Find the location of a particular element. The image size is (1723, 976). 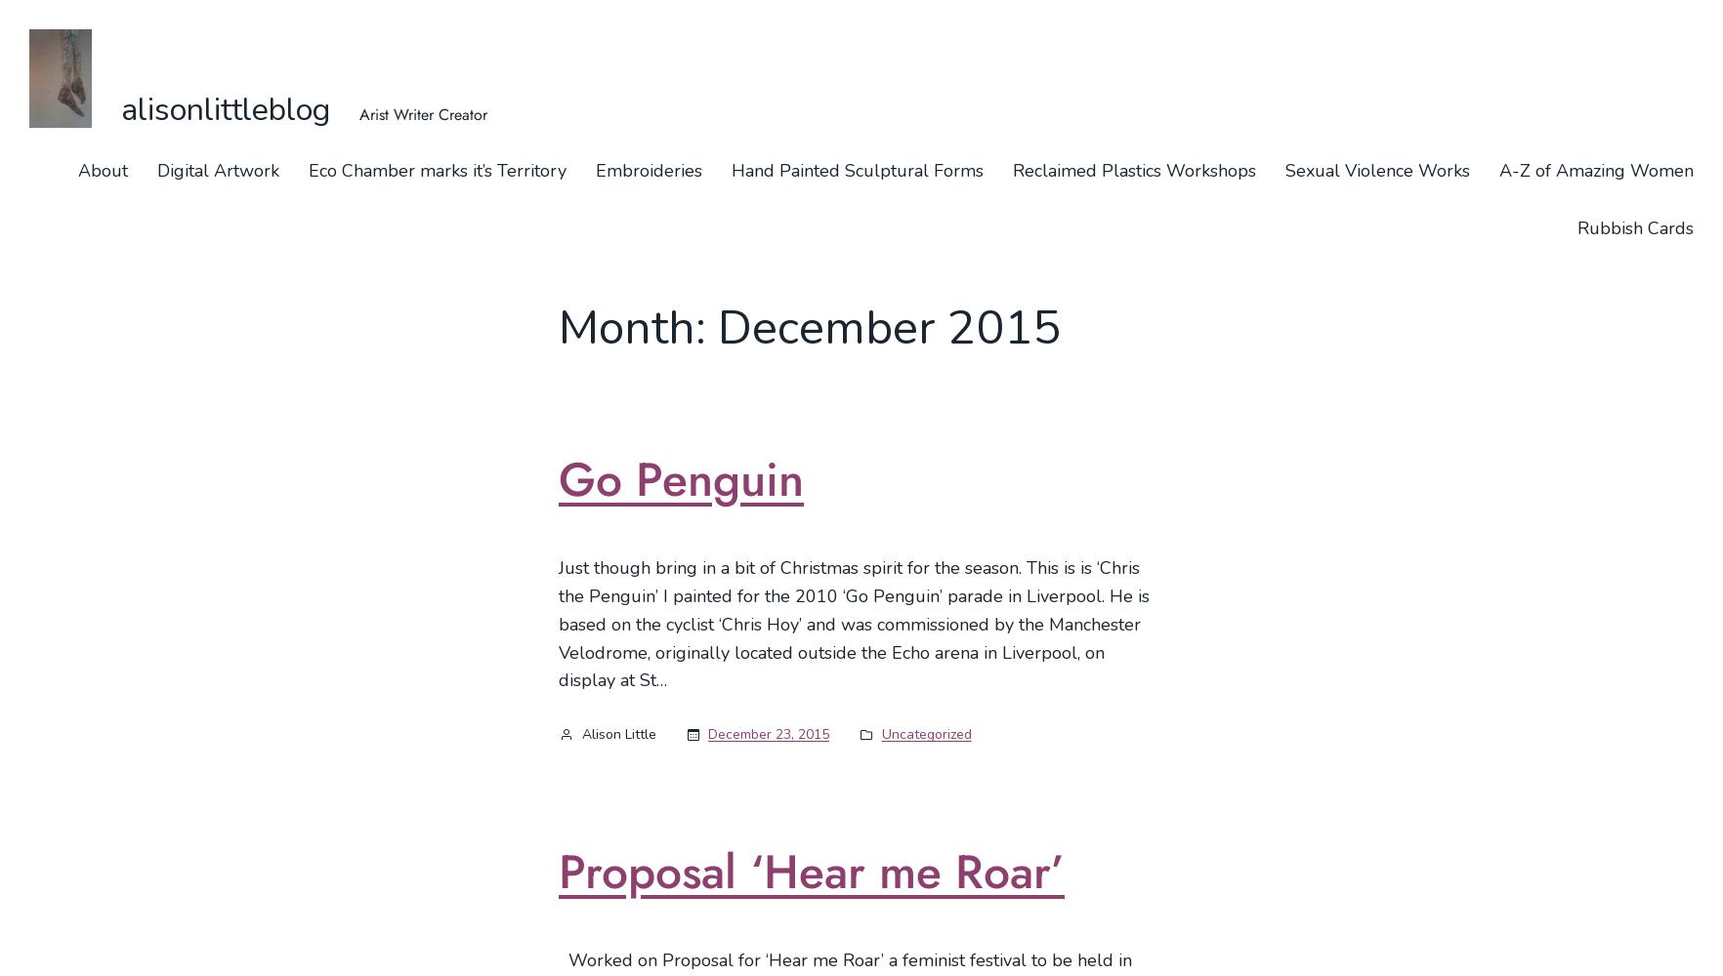

'Just though bring in a bit of Christmas spirit for the season. This is is ‘Chris the Penguin’ I painted for the 2010 ‘Go Penguin’ parade in Liverpool. He is based on the cyclist ‘Chris Hoy’ and was commissioned by the Manchester Velodrome, originally located outside the Echo arena in Liverpool, on display at St…' is located at coordinates (854, 624).